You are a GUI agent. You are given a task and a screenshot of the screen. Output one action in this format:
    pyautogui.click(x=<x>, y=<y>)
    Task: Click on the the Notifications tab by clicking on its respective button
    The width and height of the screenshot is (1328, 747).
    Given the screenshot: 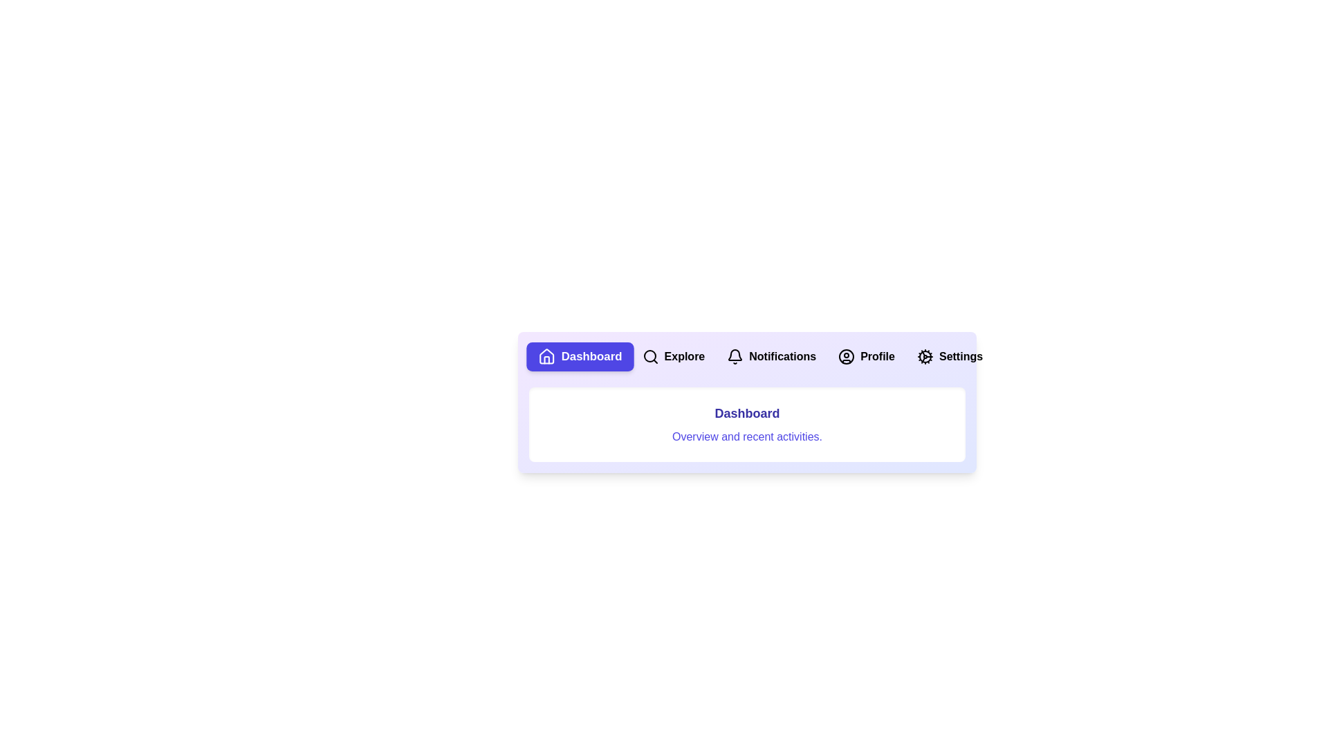 What is the action you would take?
    pyautogui.click(x=771, y=356)
    